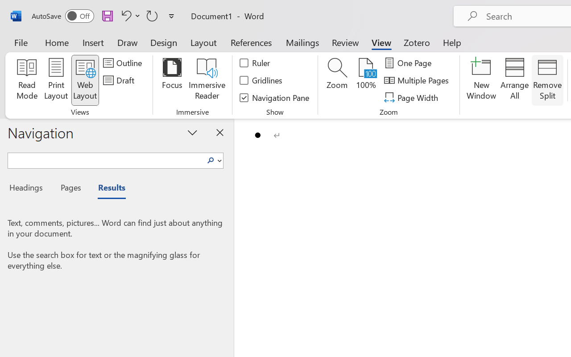 The image size is (571, 357). I want to click on 'Outline', so click(124, 63).